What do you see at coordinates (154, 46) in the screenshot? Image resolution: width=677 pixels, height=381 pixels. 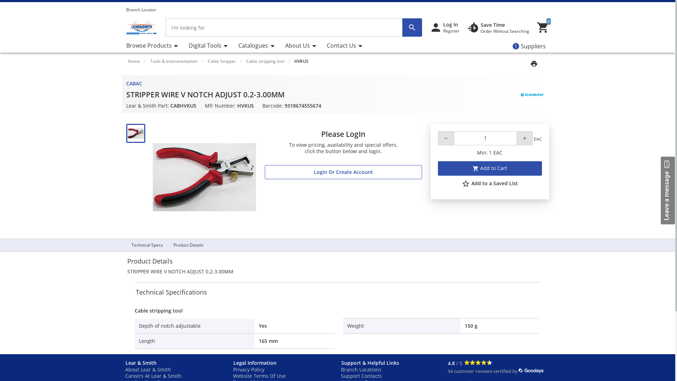 I see `'Browse Products'` at bounding box center [154, 46].